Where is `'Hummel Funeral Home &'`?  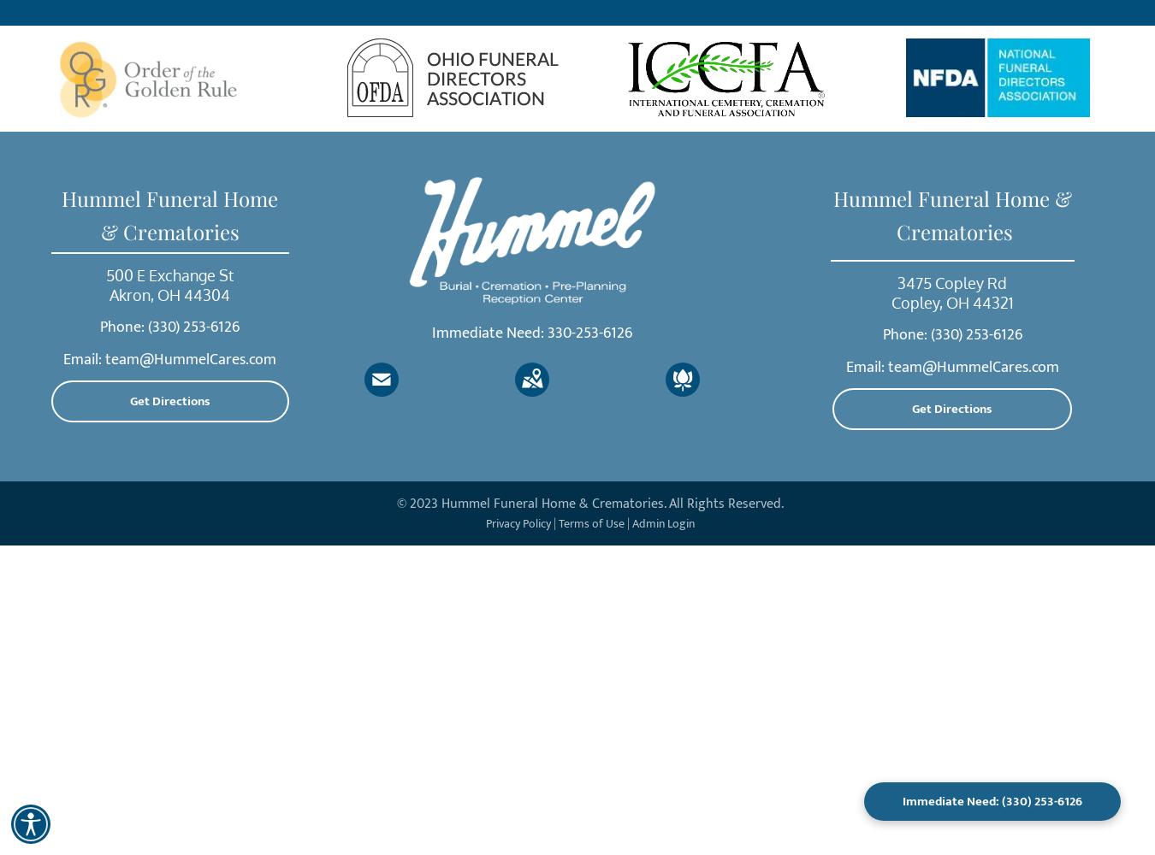
'Hummel Funeral Home &' is located at coordinates (951, 198).